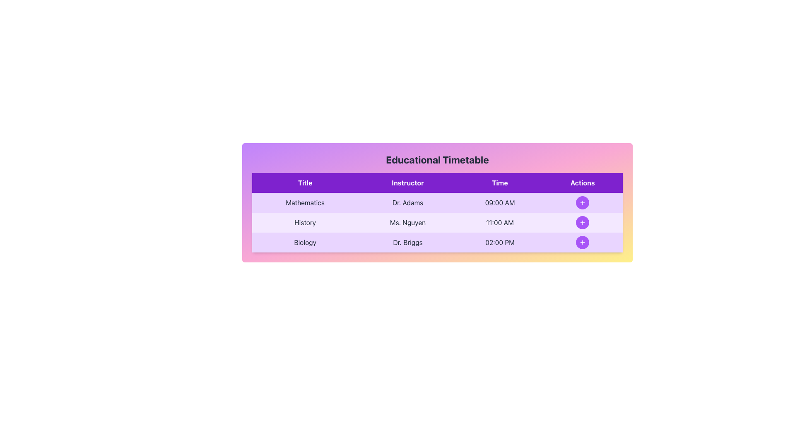  Describe the element at coordinates (305, 202) in the screenshot. I see `the text label that represents the subject title in the timetable, located in the first row and first column, to the left of 'Dr. Adams' and above 'History'` at that location.